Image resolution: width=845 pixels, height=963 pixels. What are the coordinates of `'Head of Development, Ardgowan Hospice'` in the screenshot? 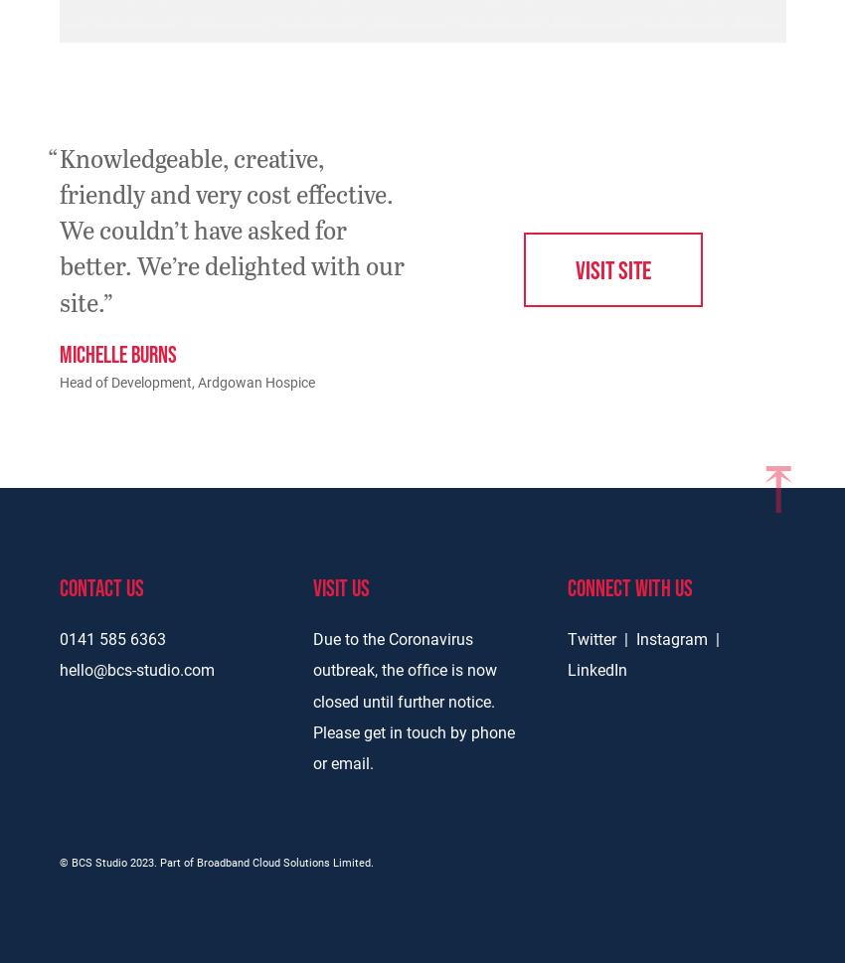 It's located at (185, 382).